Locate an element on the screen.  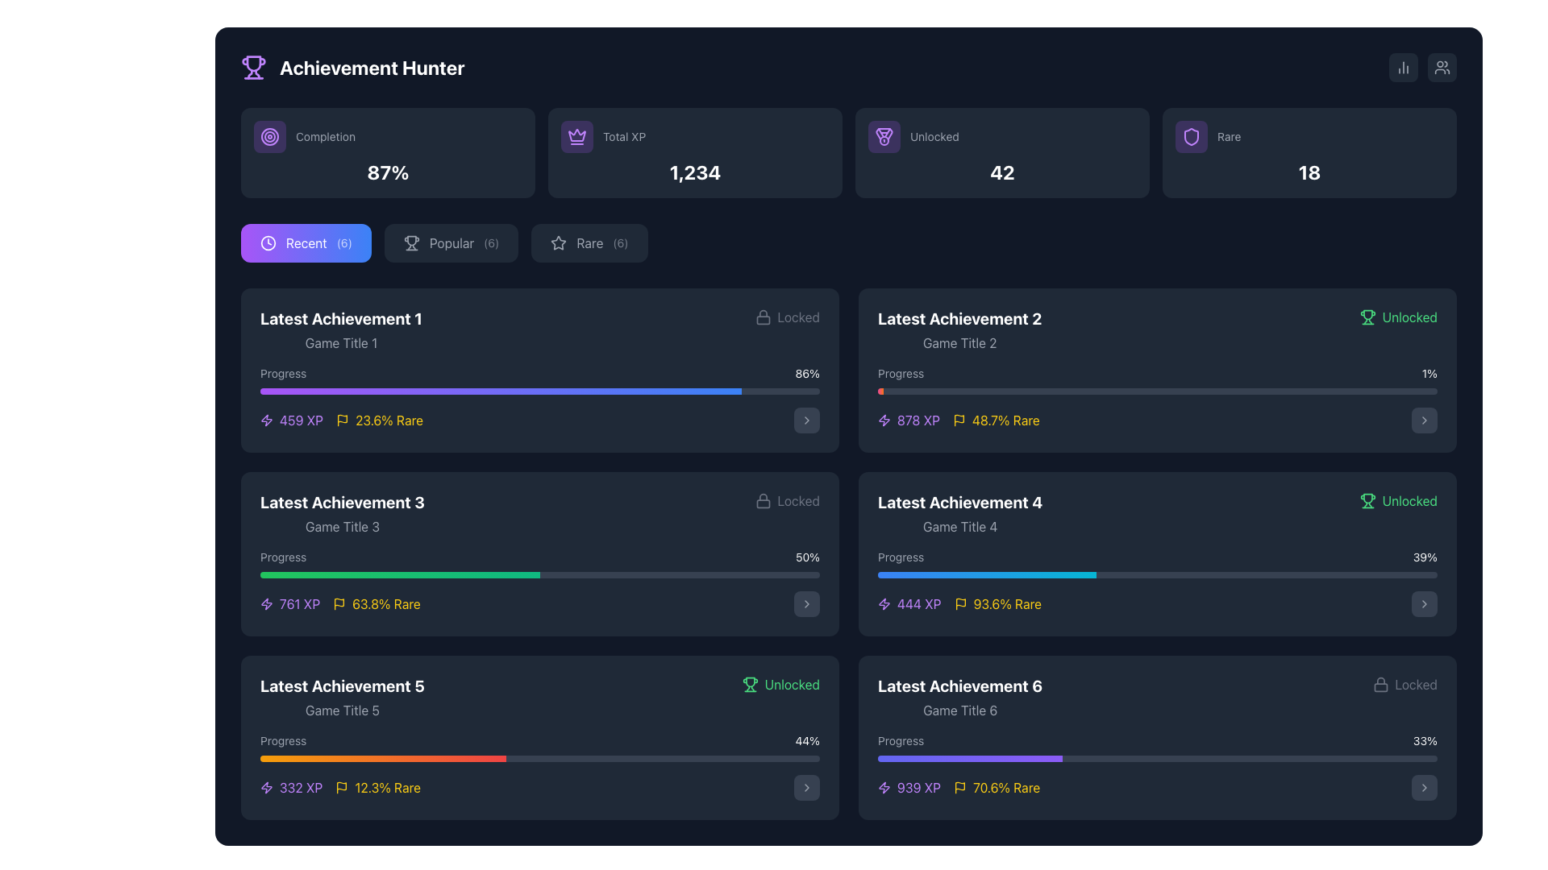
the energy icon located to the left of the '761 XP' text within the 'Latest Achievement 3' card in the achievement dashboard is located at coordinates (267, 603).